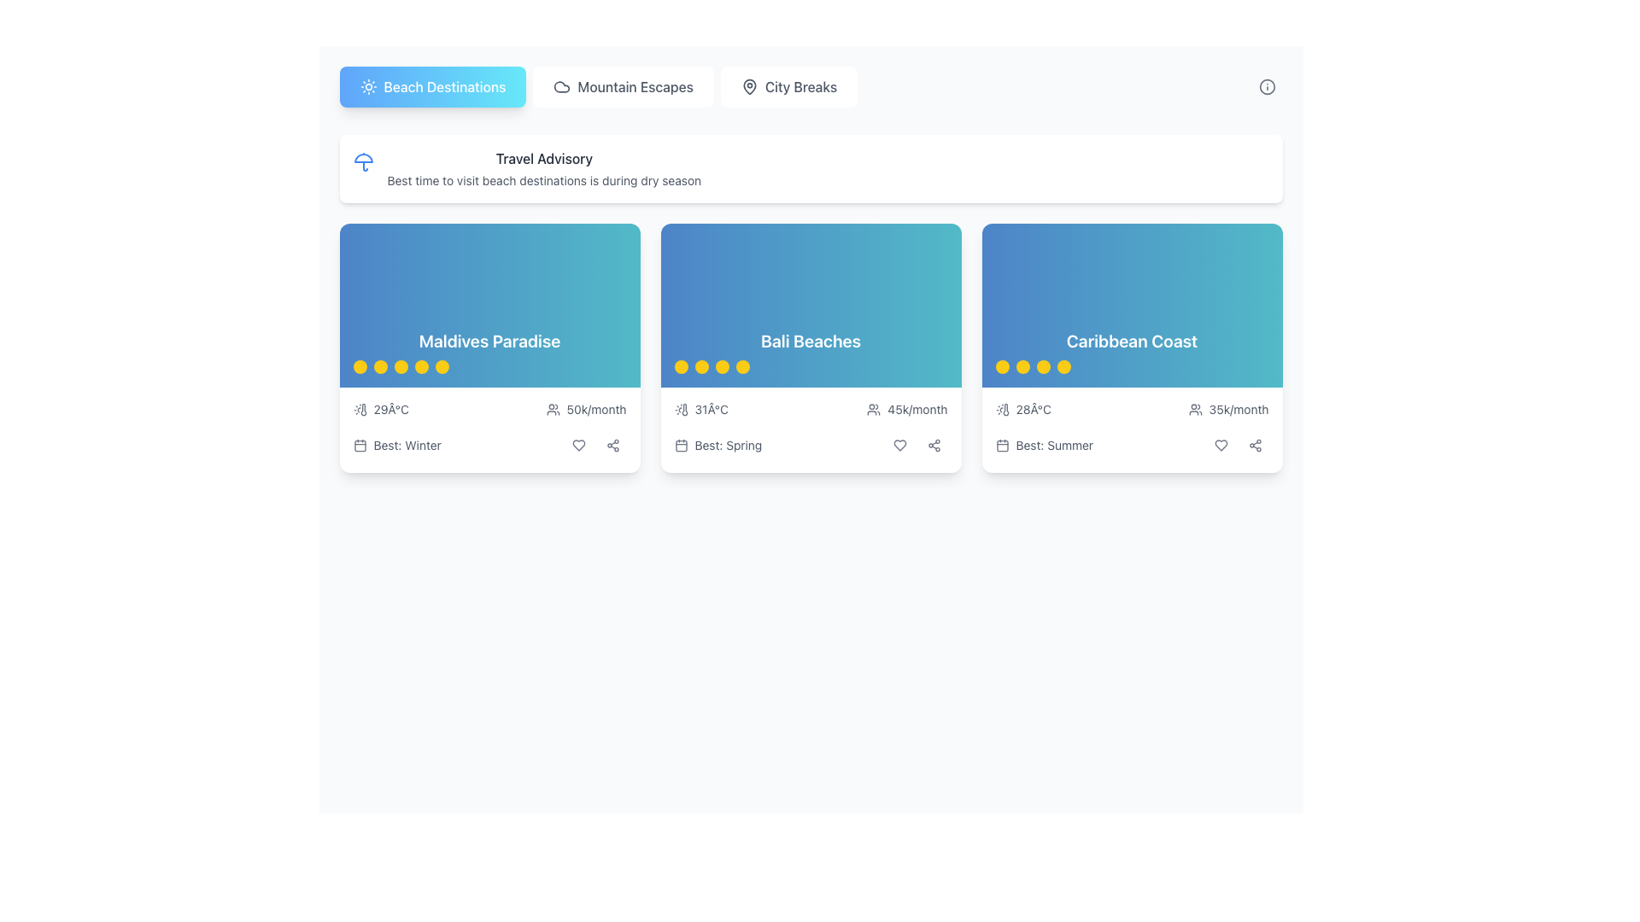 The image size is (1640, 922). I want to click on the heart-shaped icon with a gray outline located beneath the 'Caribbean Coast' card in the grid layout, so click(1220, 444).